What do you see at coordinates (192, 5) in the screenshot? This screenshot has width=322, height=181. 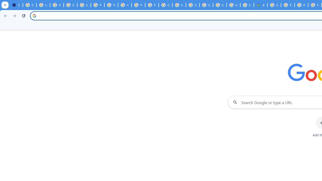 I see `'Sign in - Google Accounts'` at bounding box center [192, 5].